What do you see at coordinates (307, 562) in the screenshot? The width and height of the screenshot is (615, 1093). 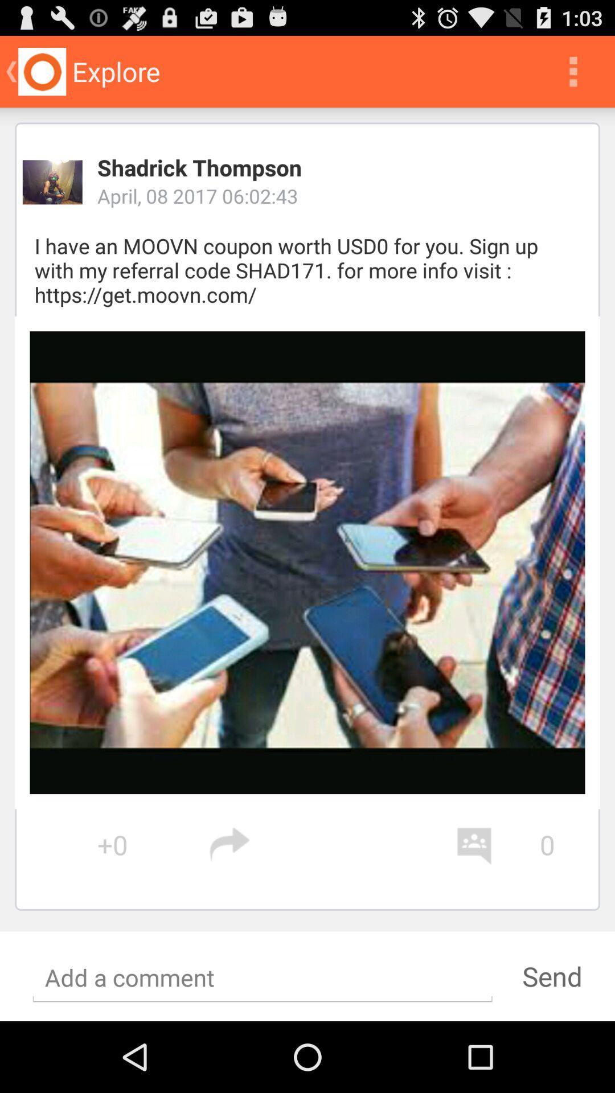 I see `the button above the +0 button` at bounding box center [307, 562].